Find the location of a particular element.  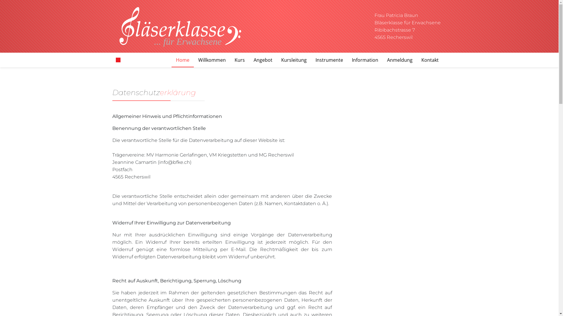

'Anmeldung' is located at coordinates (399, 60).